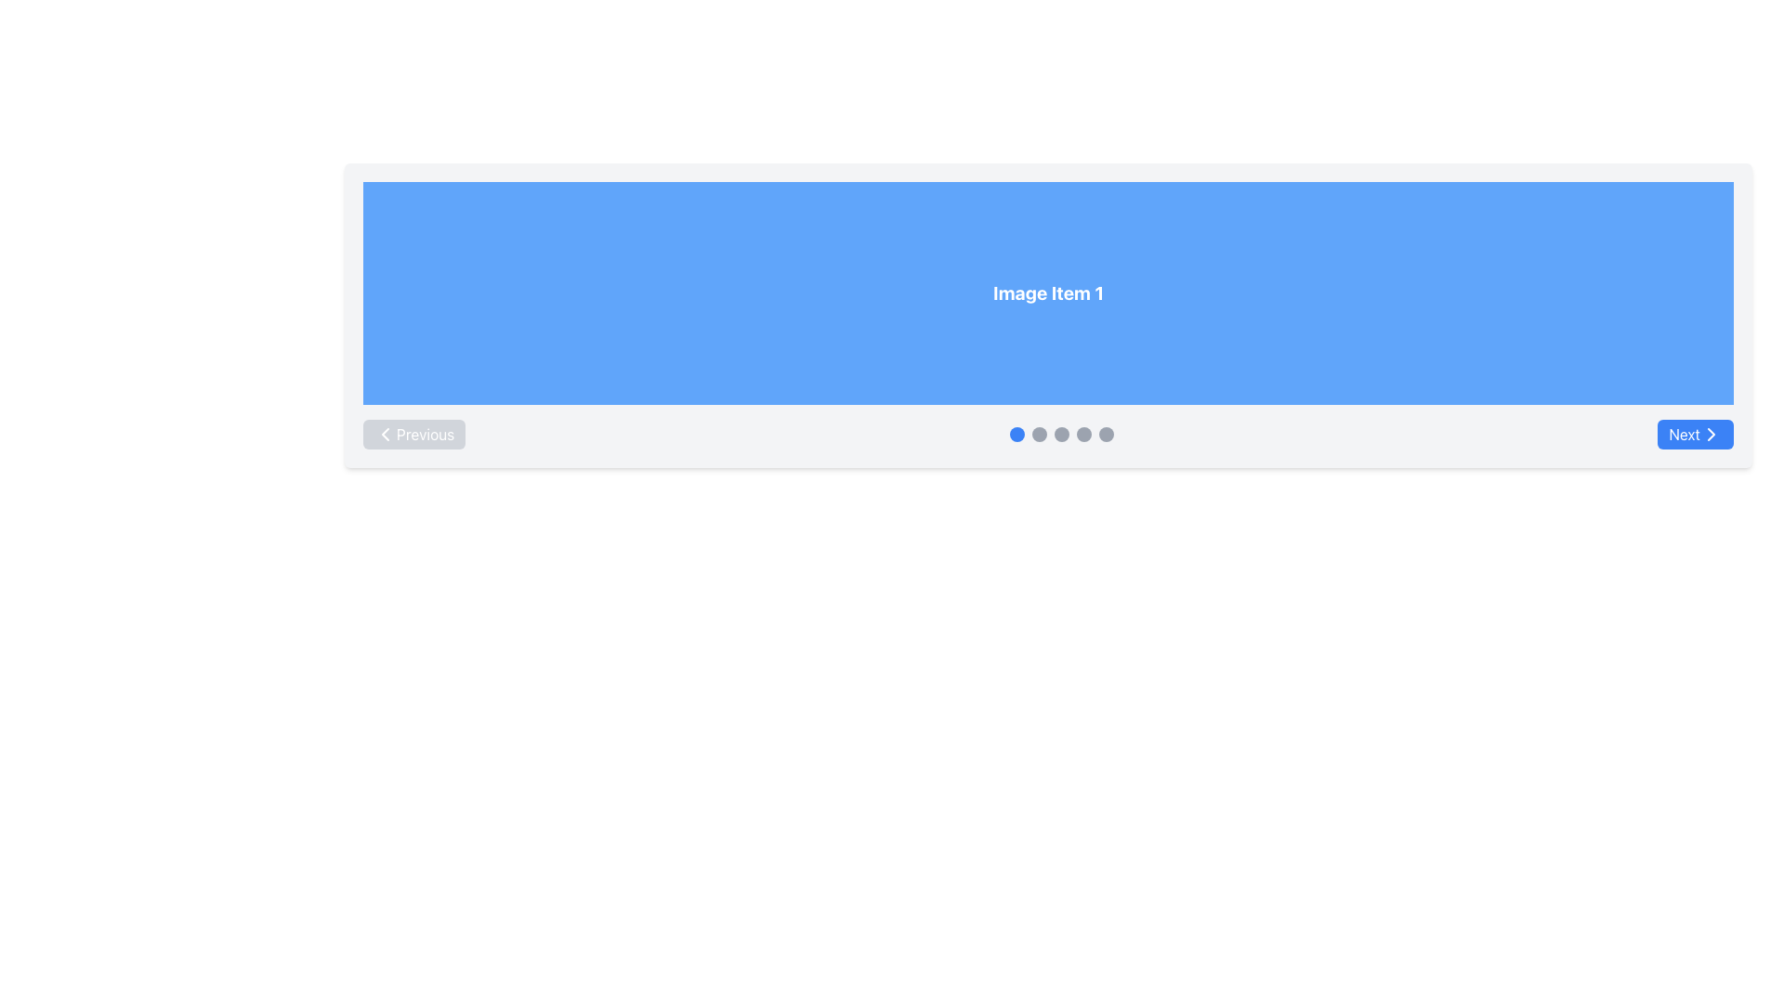 The width and height of the screenshot is (1784, 1003). What do you see at coordinates (1038, 434) in the screenshot?
I see `the second circular icon indicator located below the blue-filled rectangular section labeled 'Image Item 1'` at bounding box center [1038, 434].